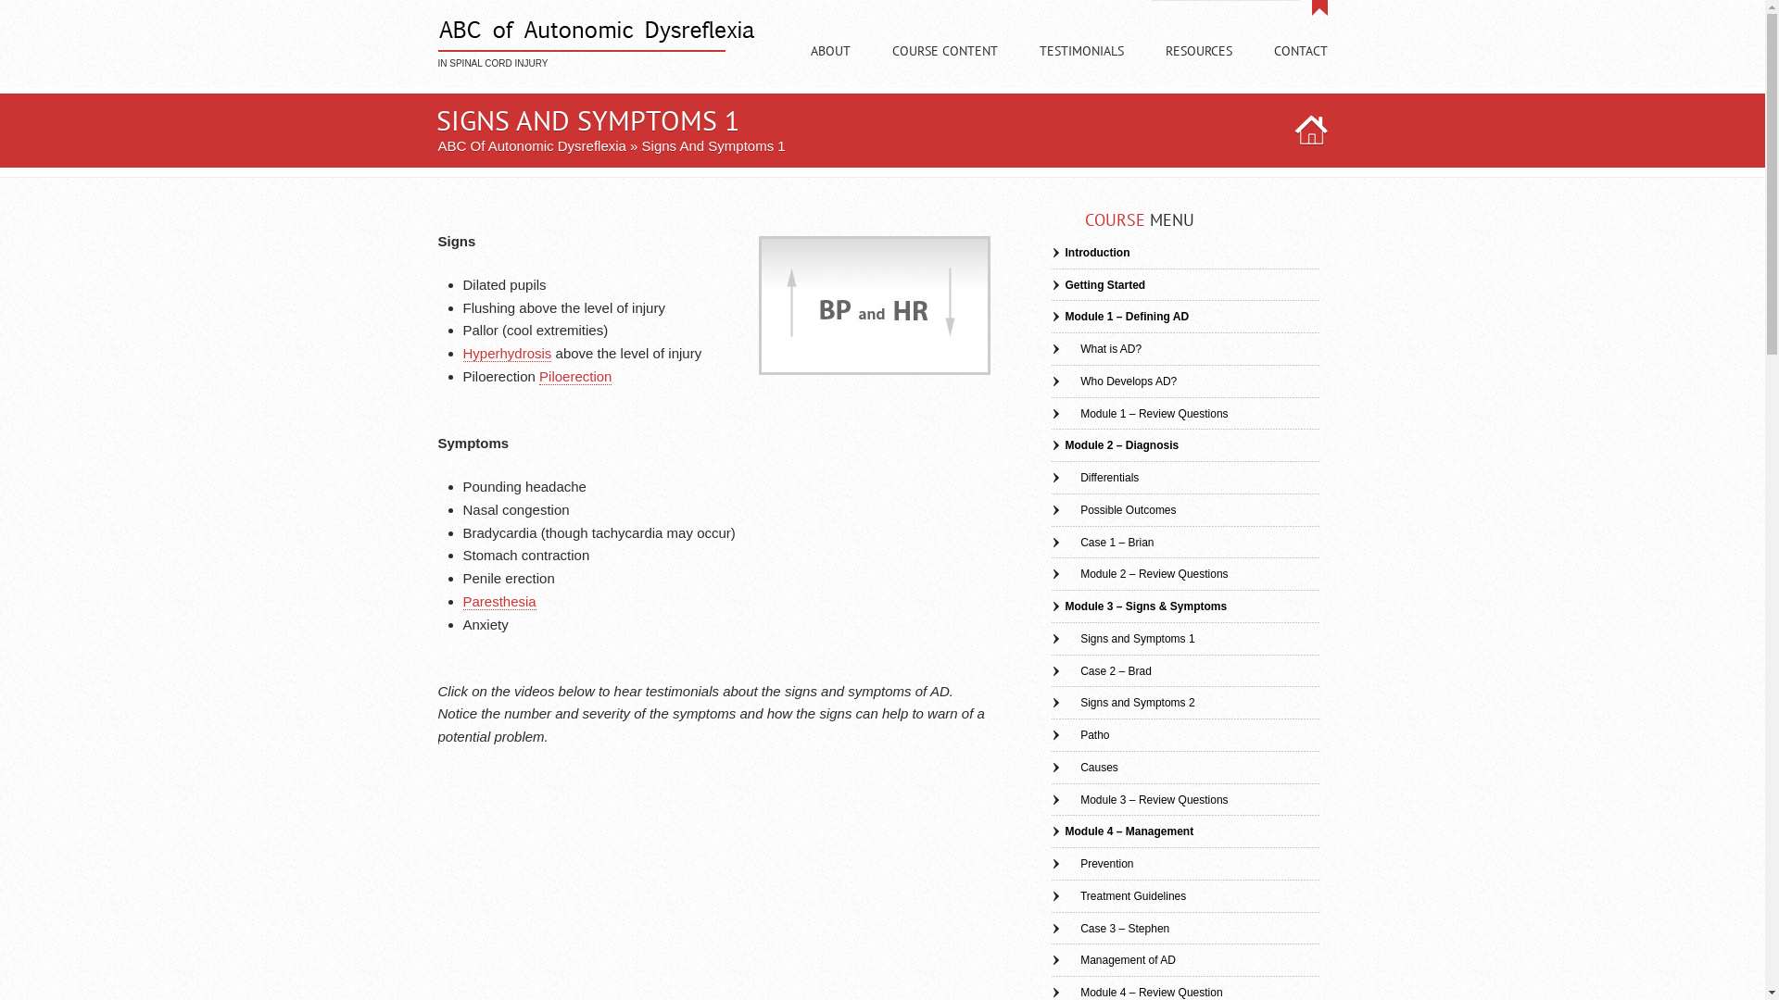  I want to click on '     Prevention', so click(1091, 864).